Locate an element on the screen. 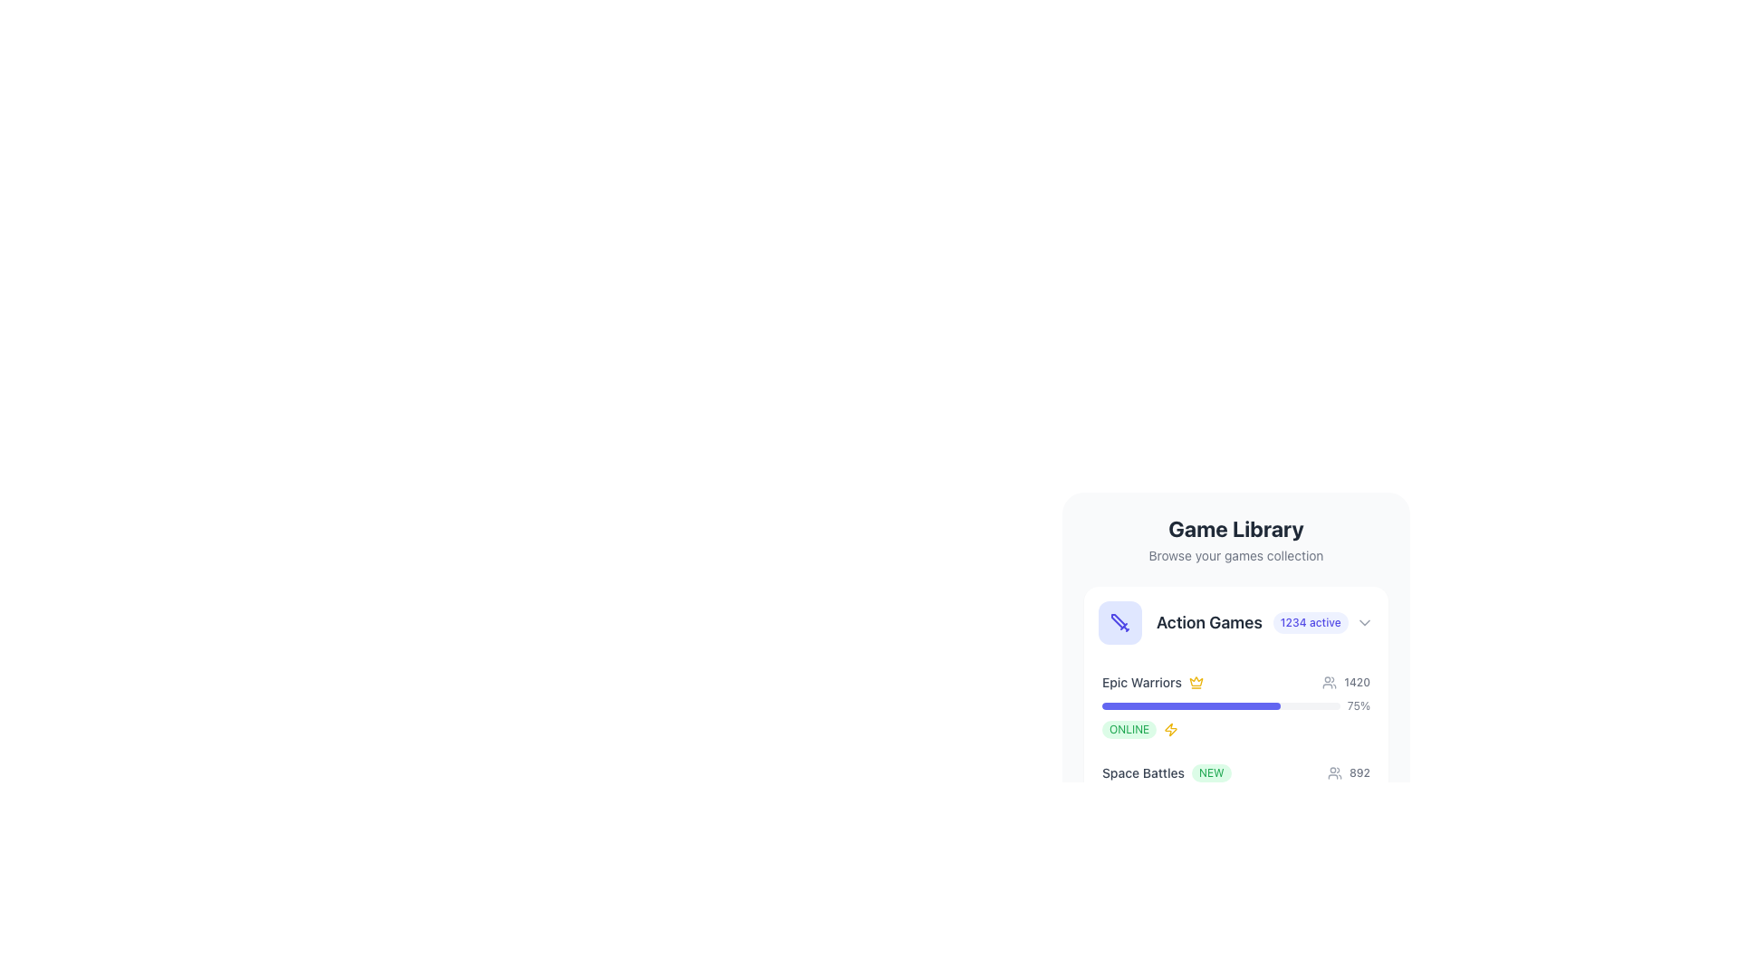 This screenshot has width=1739, height=978. label indicating new status next to 'Space Battles' in the 'Action Games' section is located at coordinates (1211, 772).